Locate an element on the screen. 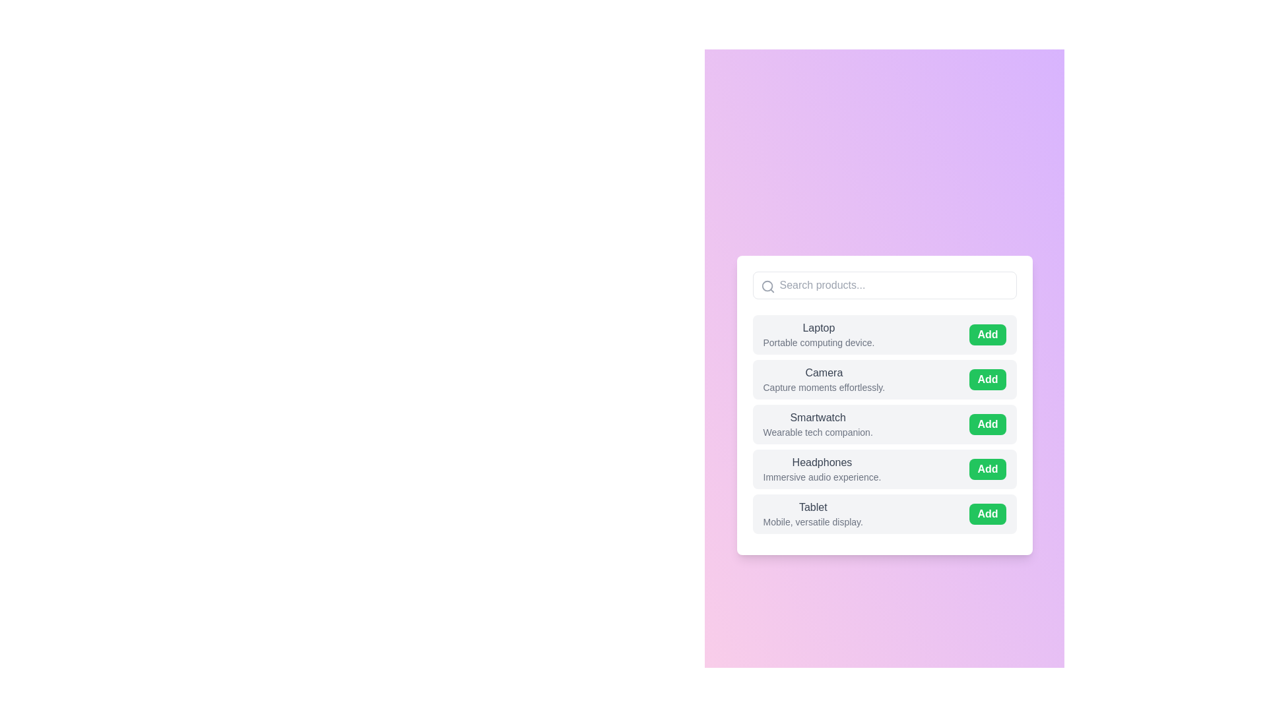  the 'Add Tablet to Cart' button for accessibility is located at coordinates (988, 513).